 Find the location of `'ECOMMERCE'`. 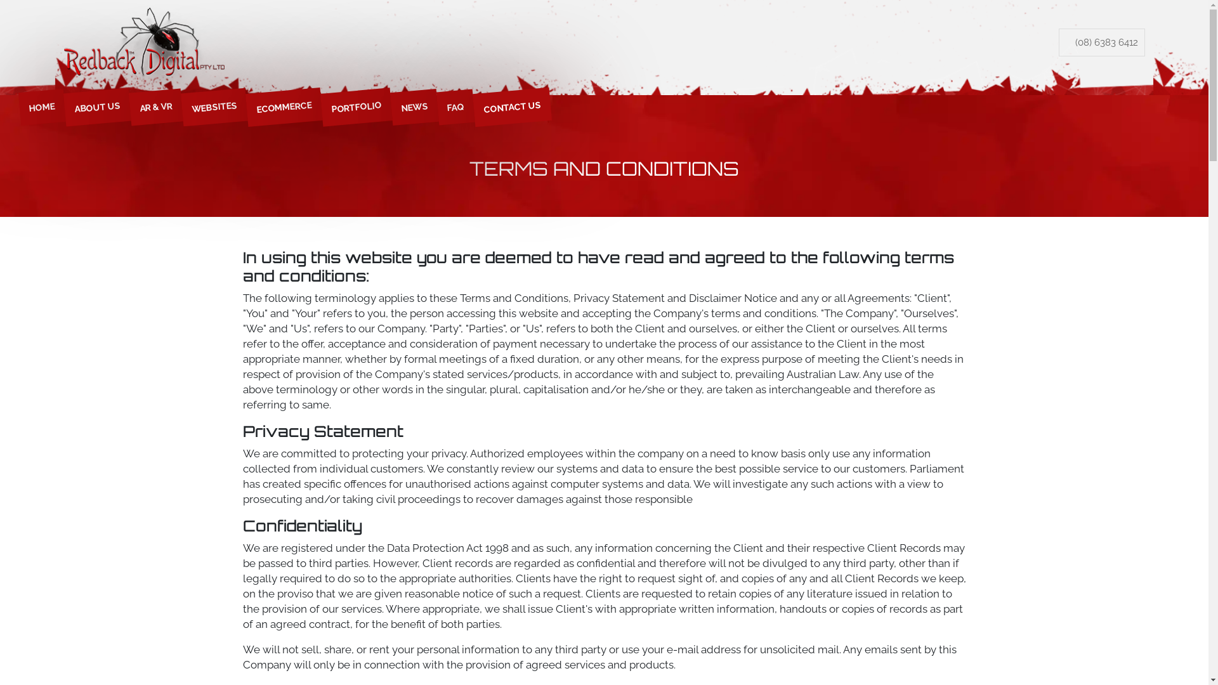

'ECOMMERCE' is located at coordinates (246, 103).